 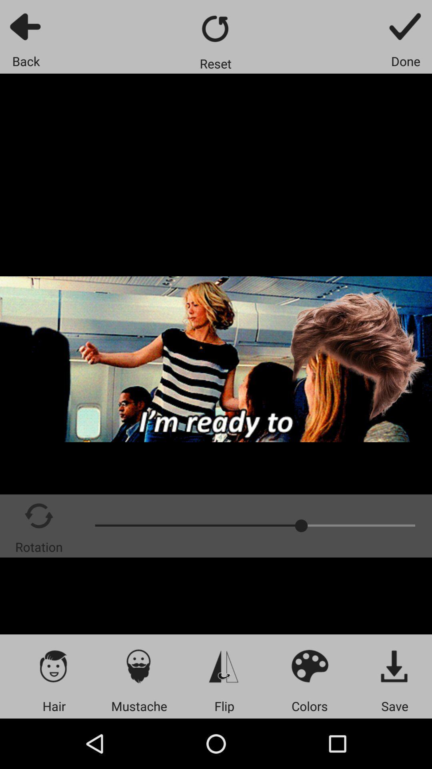 I want to click on edit the colors, so click(x=309, y=666).